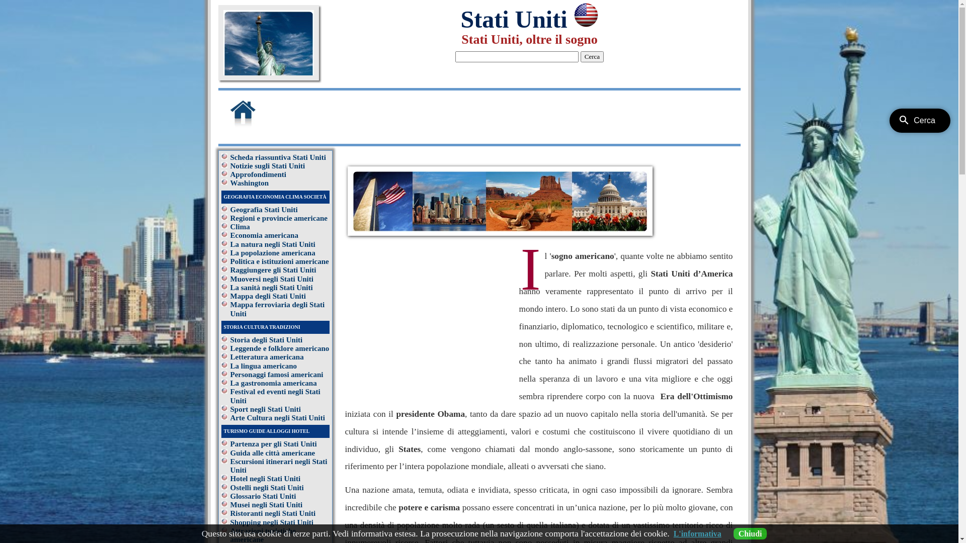  I want to click on 'Economia americana', so click(229, 235).